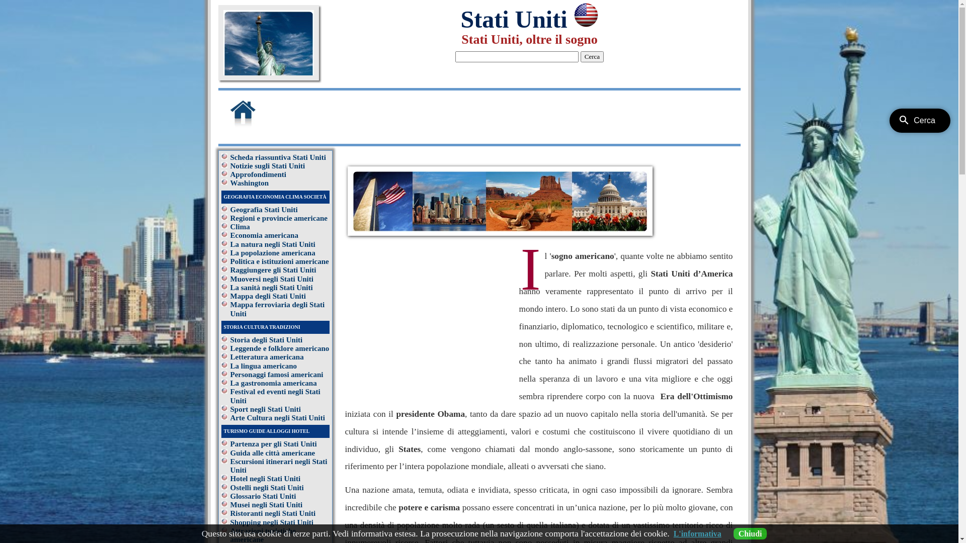  I want to click on 'Economia americana', so click(229, 235).